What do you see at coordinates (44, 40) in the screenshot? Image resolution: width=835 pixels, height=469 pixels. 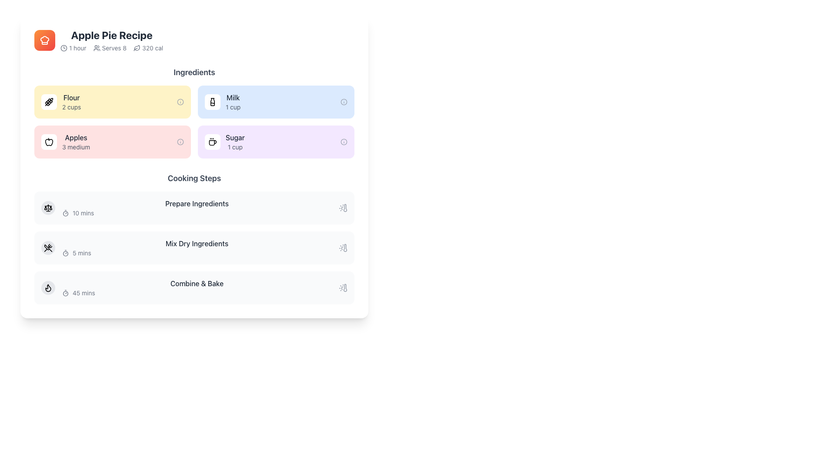 I see `the chef's hat icon, which is a rounded square with a gradient background from orange to red, located to the left of the 'Apple Pie Recipe' heading` at bounding box center [44, 40].